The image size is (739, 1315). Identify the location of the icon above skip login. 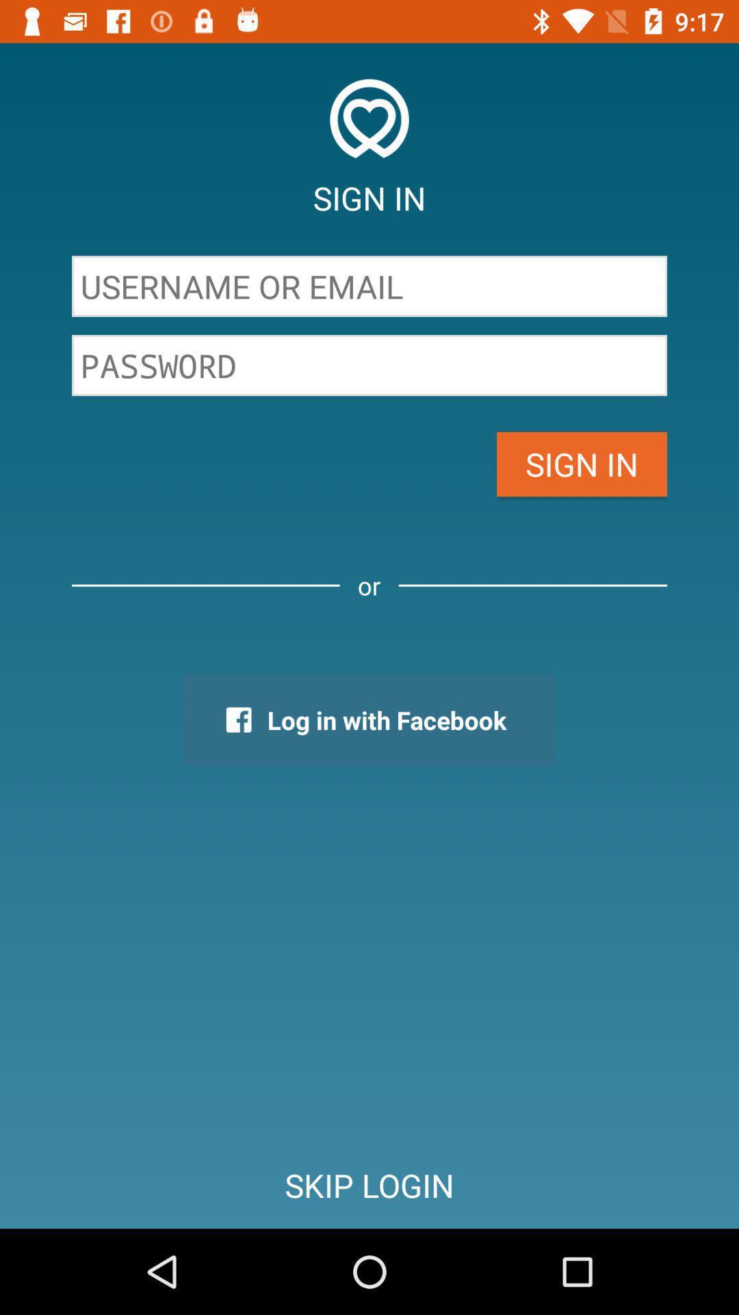
(368, 719).